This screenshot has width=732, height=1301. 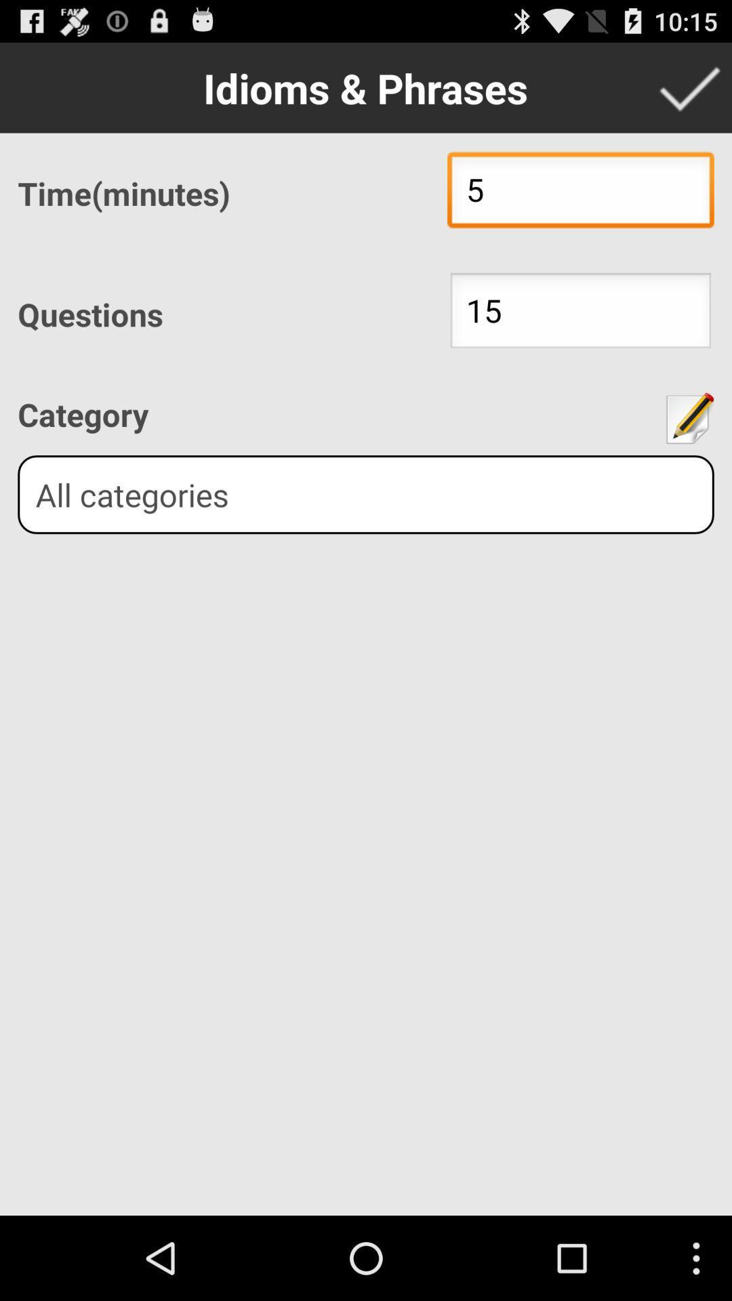 What do you see at coordinates (689, 87) in the screenshot?
I see `confirm data` at bounding box center [689, 87].